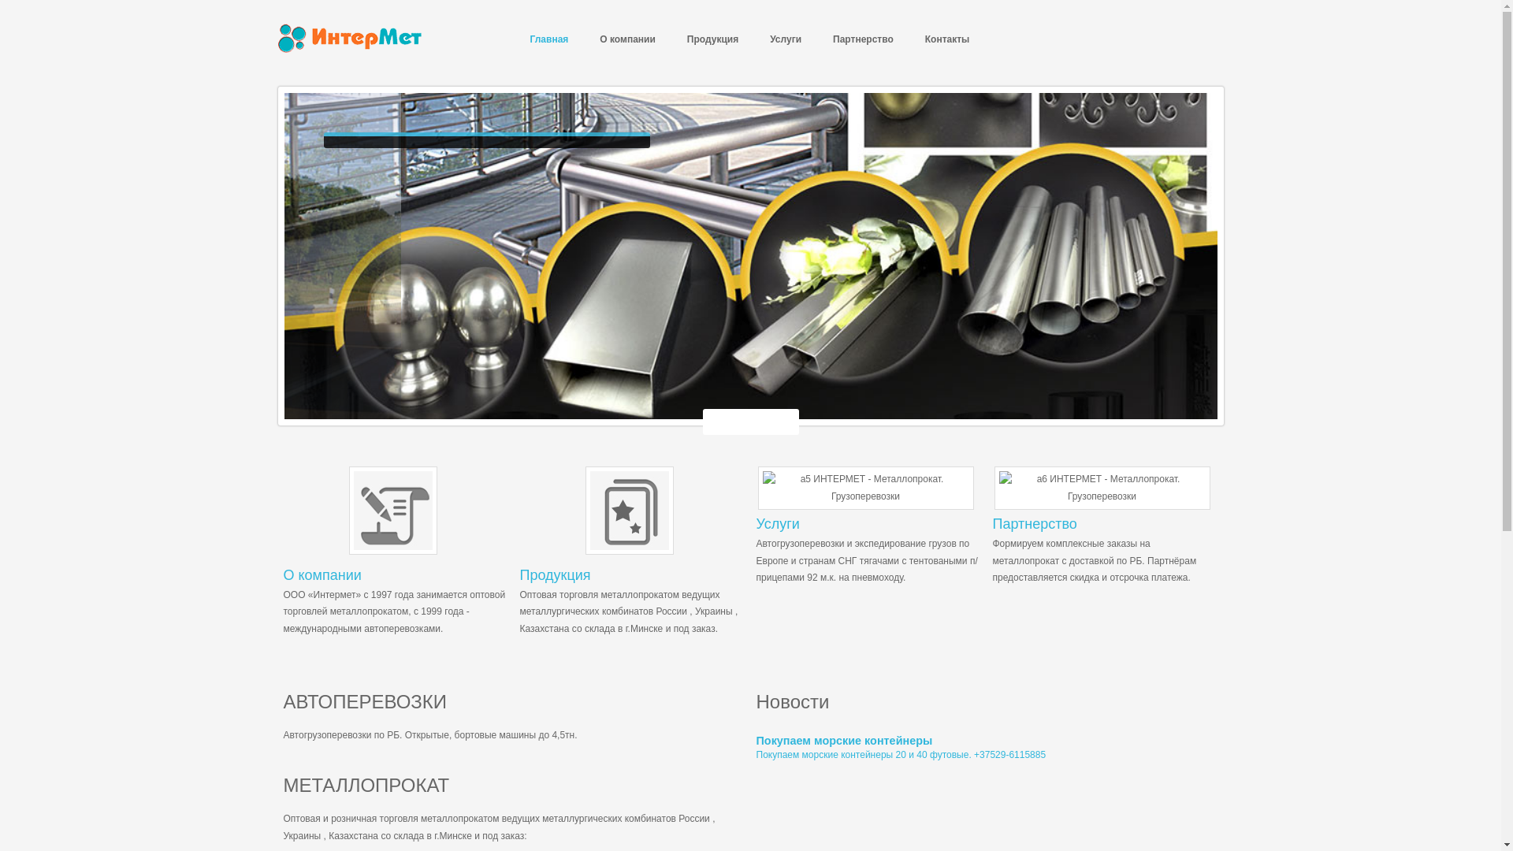 This screenshot has width=1513, height=851. I want to click on 'a5 image', so click(865, 487).